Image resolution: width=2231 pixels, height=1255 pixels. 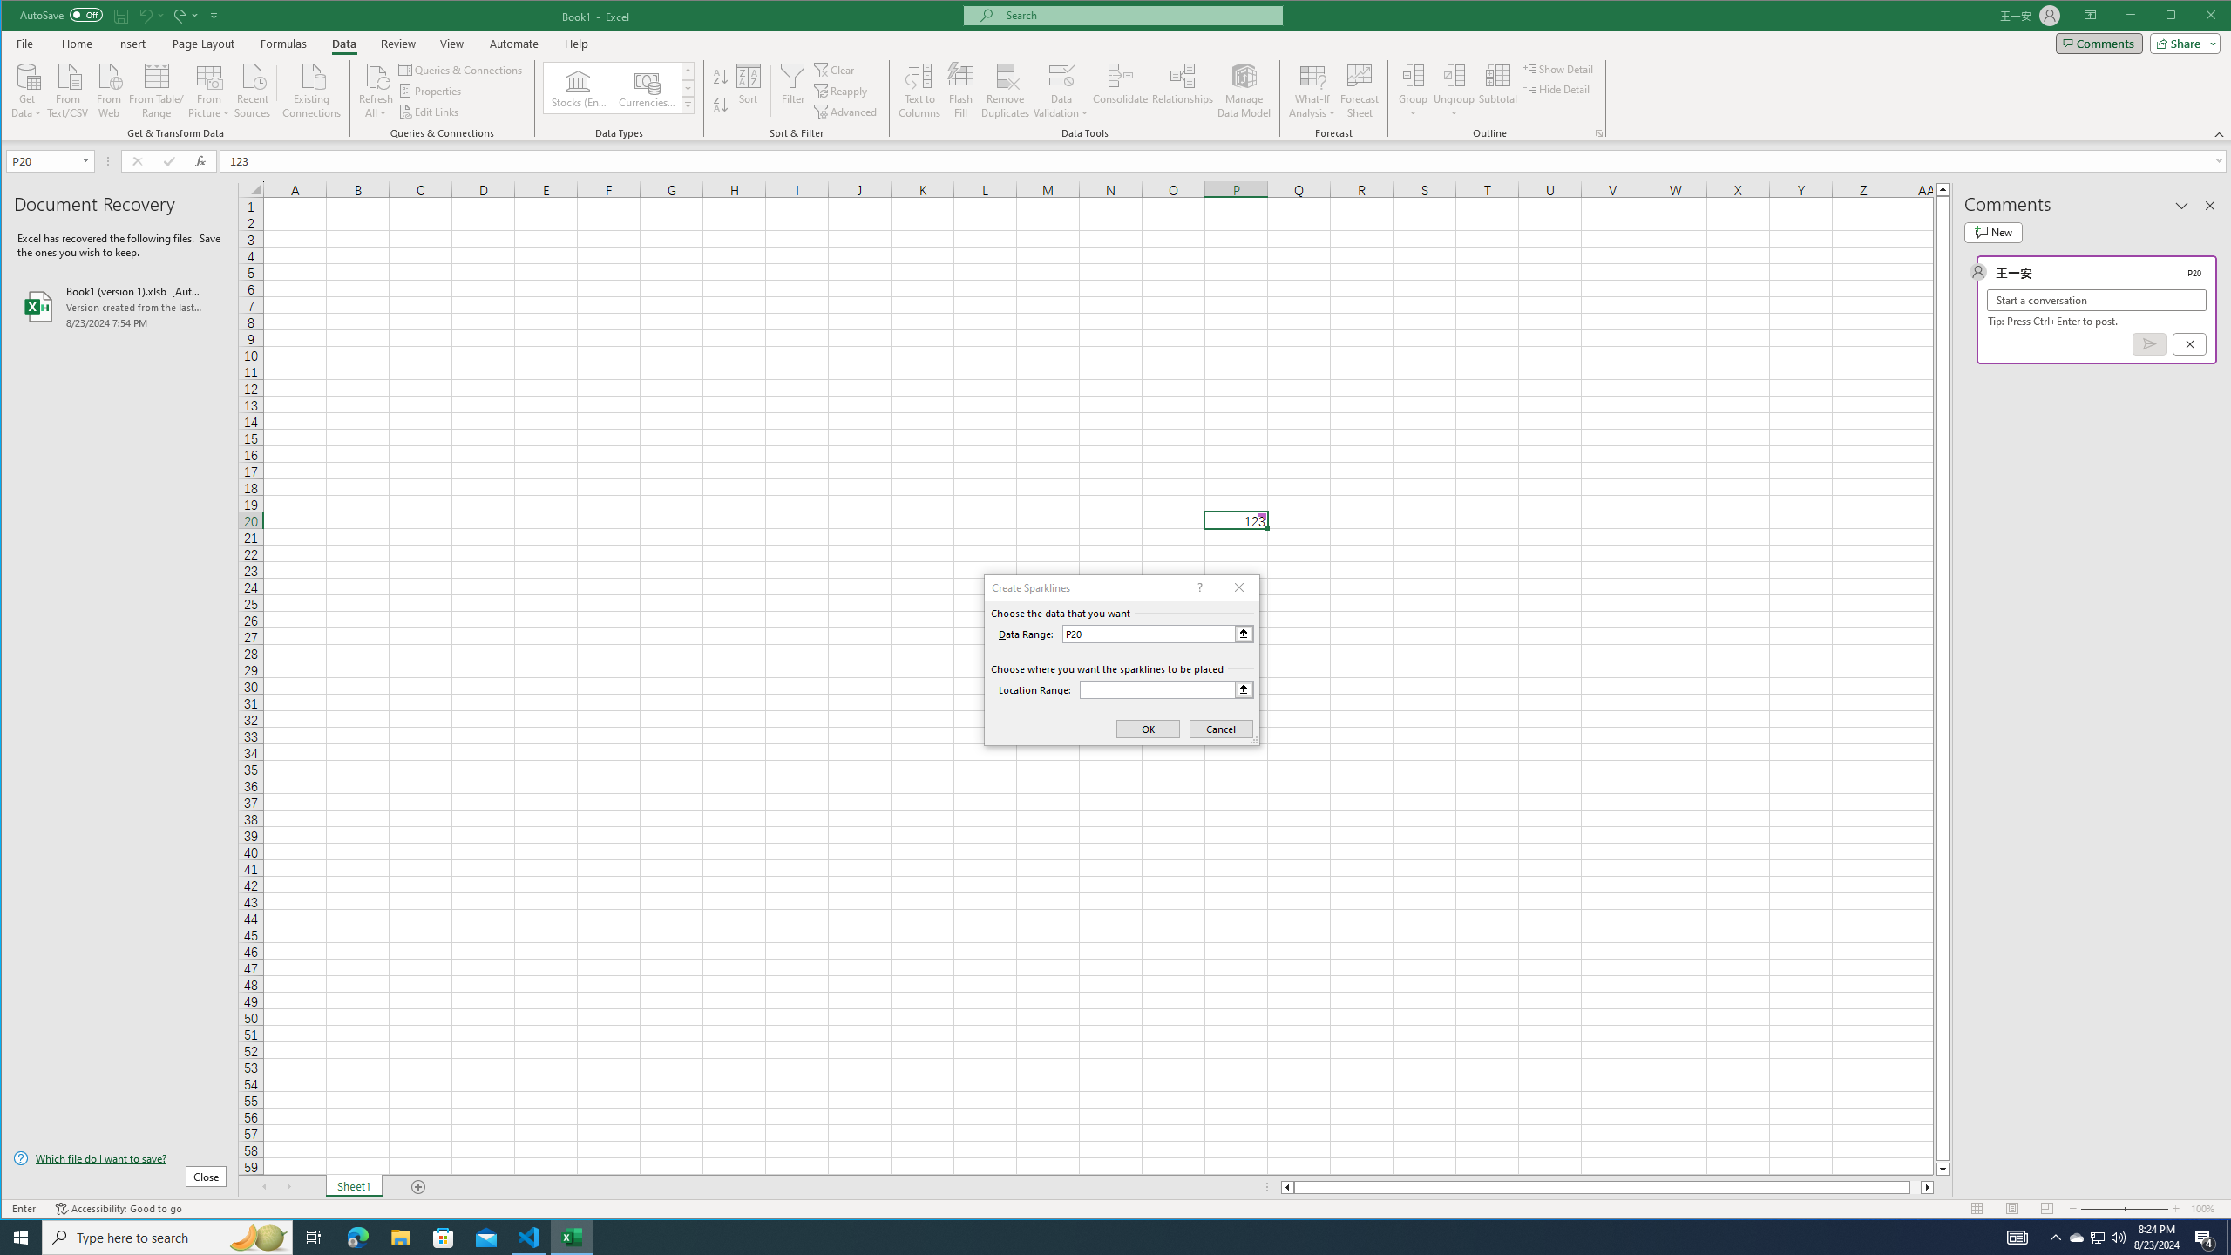 What do you see at coordinates (461, 70) in the screenshot?
I see `'Queries & Connections'` at bounding box center [461, 70].